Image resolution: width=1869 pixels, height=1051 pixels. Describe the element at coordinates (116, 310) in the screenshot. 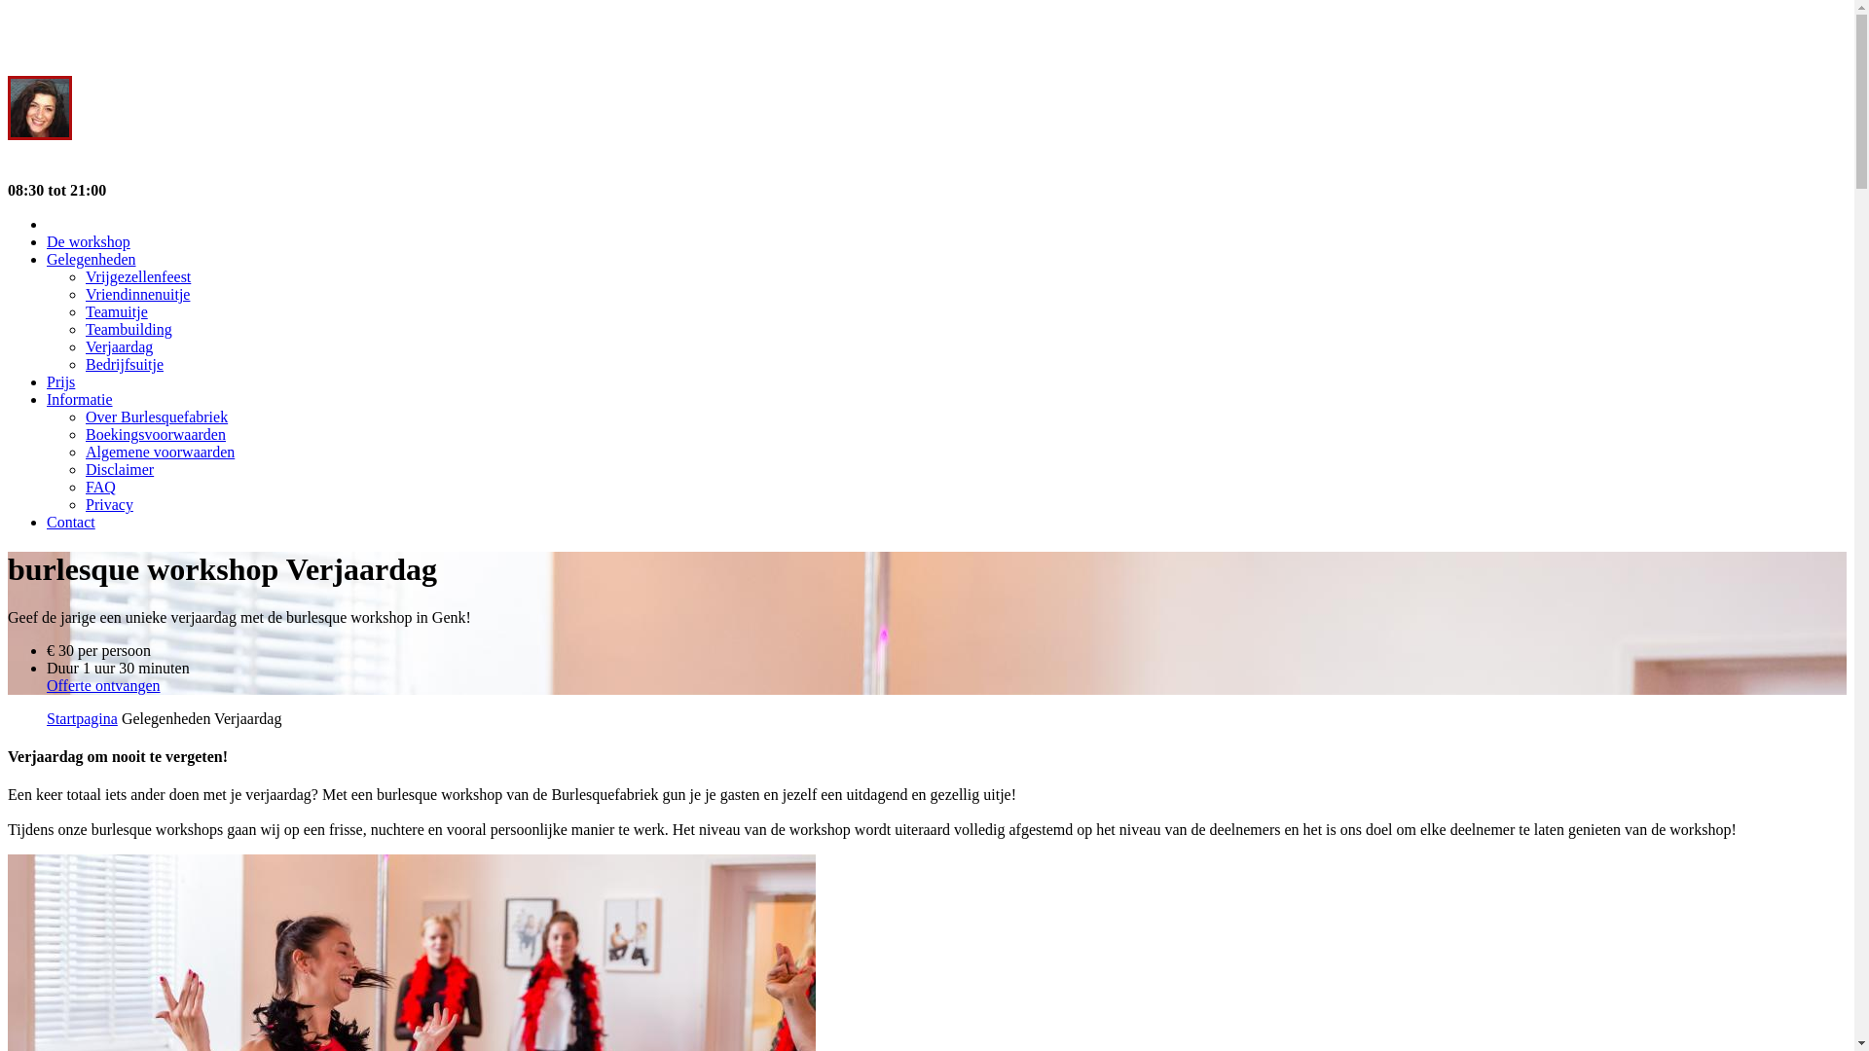

I see `'Teamuitje'` at that location.